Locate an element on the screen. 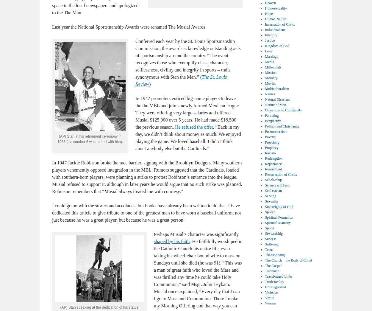 Image resolution: width=372 pixels, height=311 pixels. ')' is located at coordinates (150, 84).